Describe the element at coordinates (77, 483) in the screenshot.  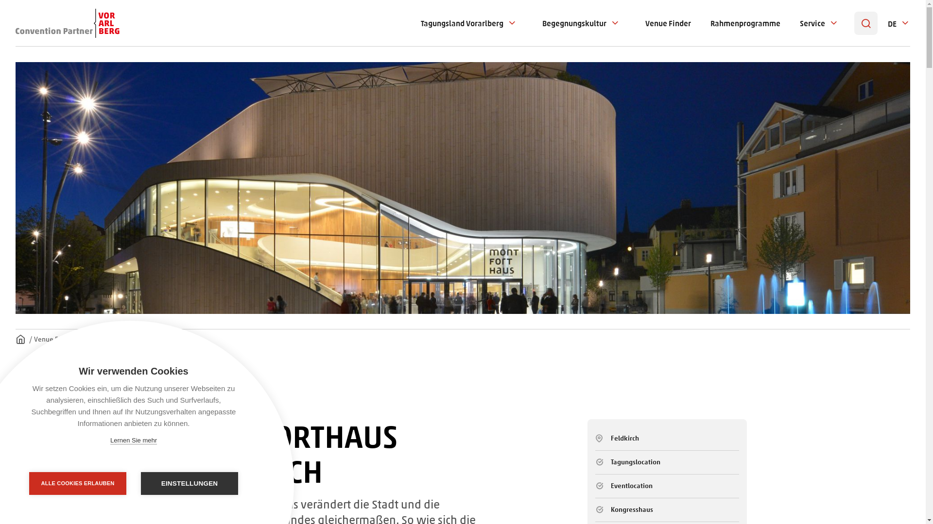
I see `'ALLE COOKIES ERLAUBEN'` at that location.